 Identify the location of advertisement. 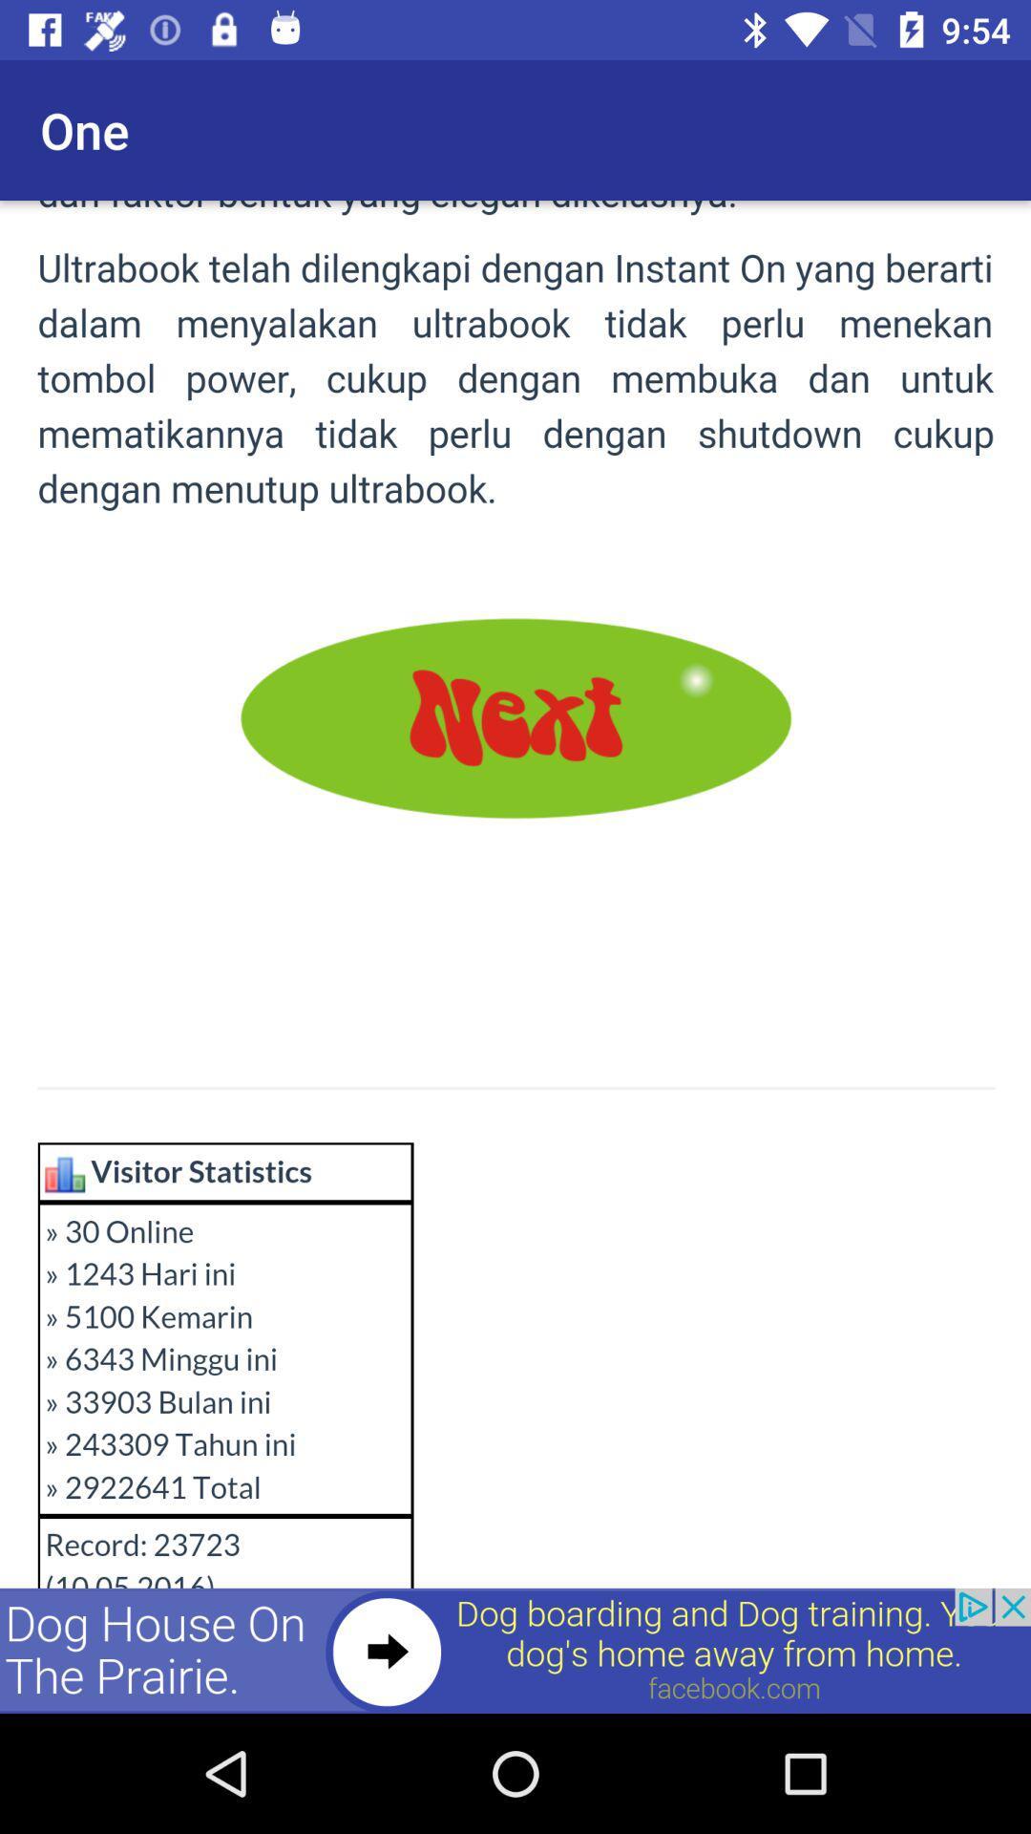
(515, 1650).